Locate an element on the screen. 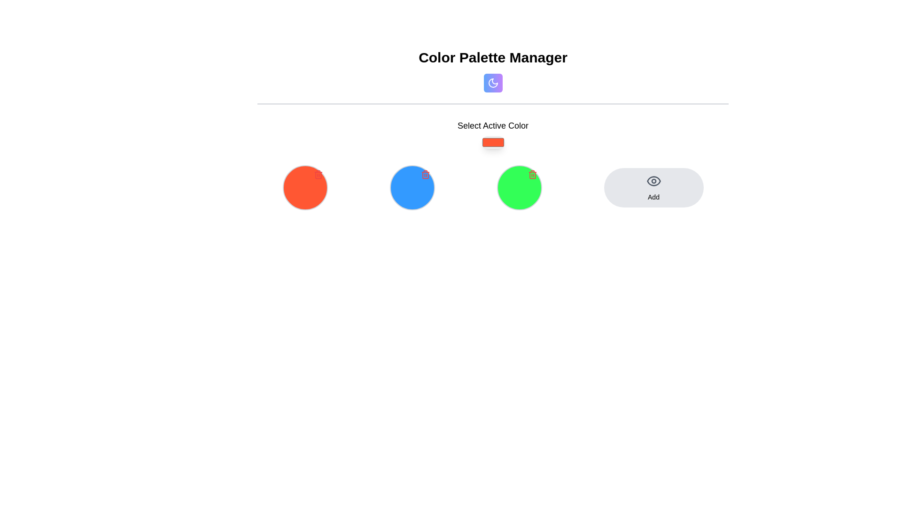 The width and height of the screenshot is (902, 507). the oval-shaped button containing the eye icon located at the bottom-right side of the interface, next to the 'Add' label and camera icon is located at coordinates (653, 181).